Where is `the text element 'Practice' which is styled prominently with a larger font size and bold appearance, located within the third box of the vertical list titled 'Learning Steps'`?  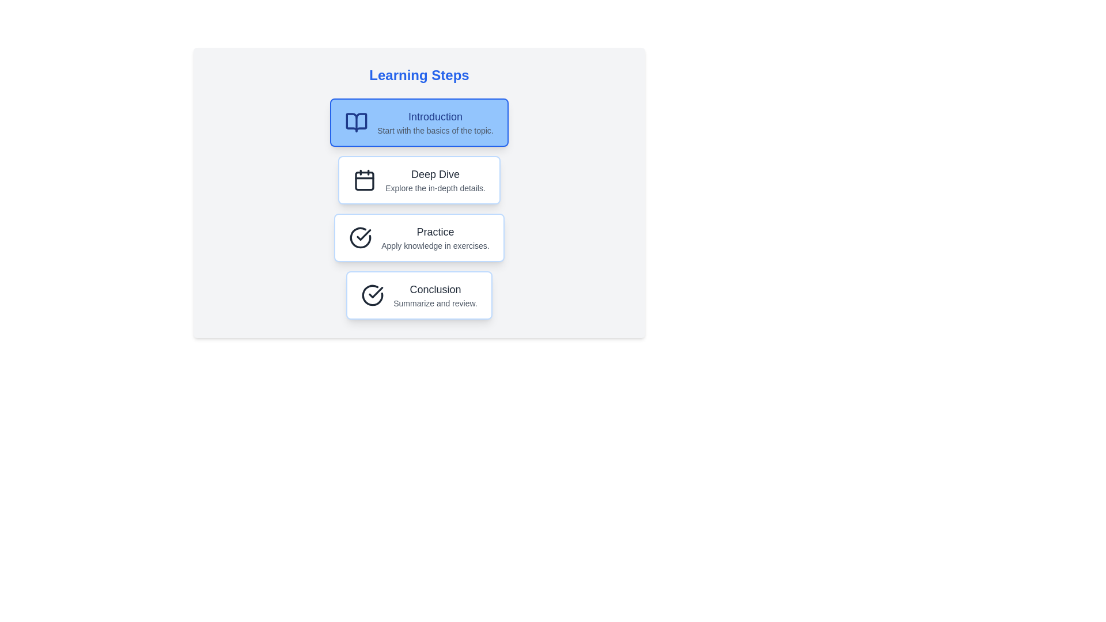
the text element 'Practice' which is styled prominently with a larger font size and bold appearance, located within the third box of the vertical list titled 'Learning Steps' is located at coordinates (434, 232).